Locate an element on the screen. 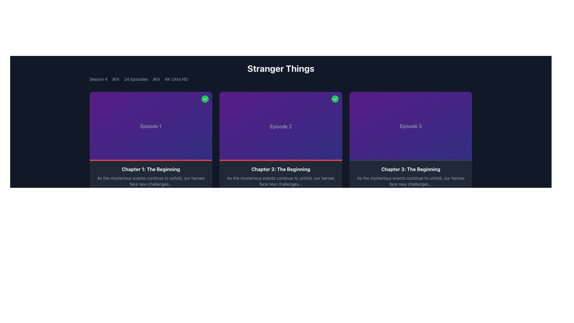 Image resolution: width=574 pixels, height=323 pixels. displayed text from the header or title element indicating the name of the current media content, positioned above the metadata text is located at coordinates (280, 68).